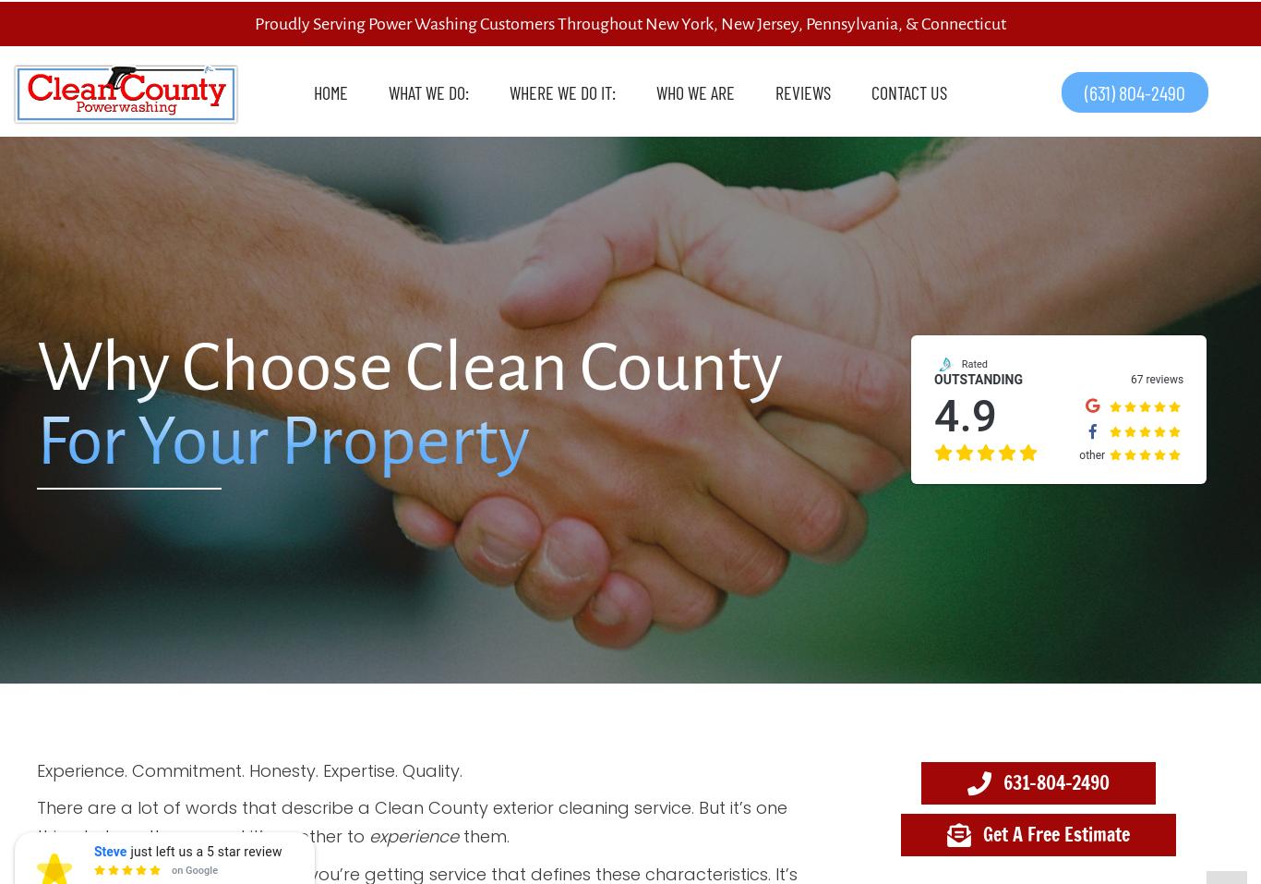  What do you see at coordinates (411, 821) in the screenshot?
I see `'There are a lot of words that describe a Clean County exterior cleaning service. But it’s one thing to hear them – and it’s another to'` at bounding box center [411, 821].